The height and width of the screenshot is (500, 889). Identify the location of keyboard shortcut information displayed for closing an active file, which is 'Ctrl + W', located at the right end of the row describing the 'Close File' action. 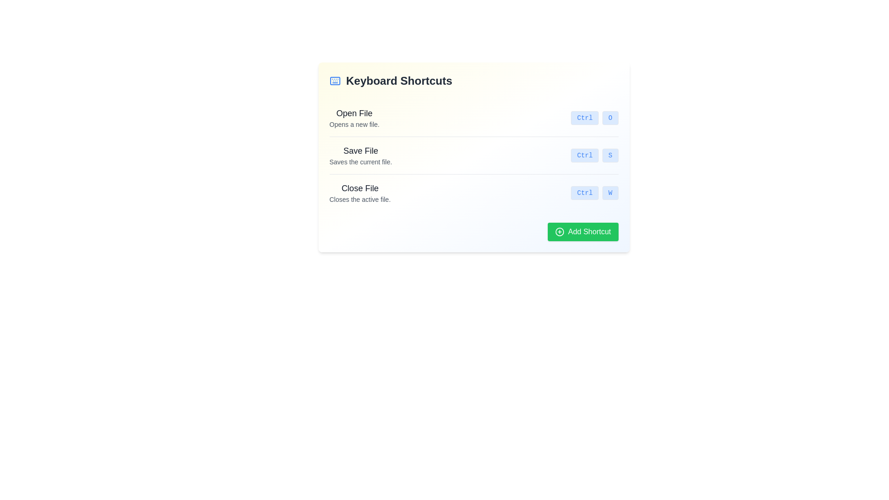
(595, 192).